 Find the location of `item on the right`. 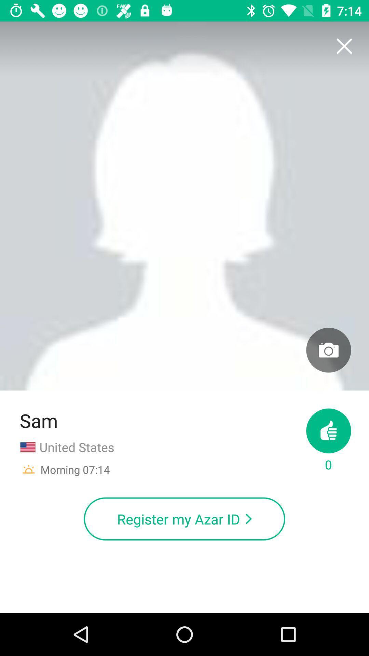

item on the right is located at coordinates (328, 350).